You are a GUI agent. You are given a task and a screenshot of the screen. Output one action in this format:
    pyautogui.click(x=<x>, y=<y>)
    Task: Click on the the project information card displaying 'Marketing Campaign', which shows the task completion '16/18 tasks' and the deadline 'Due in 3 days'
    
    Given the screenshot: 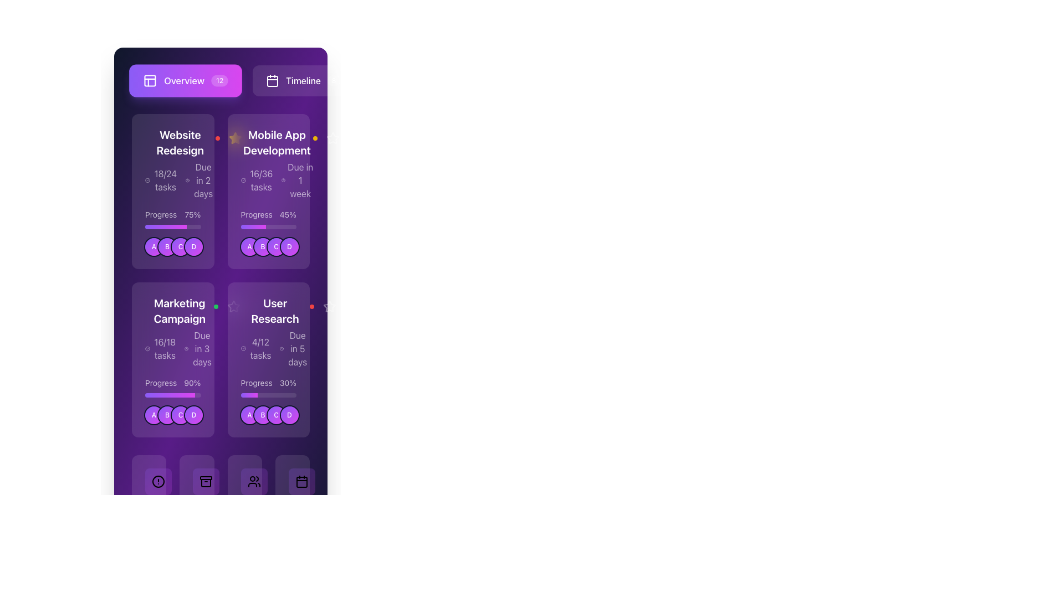 What is the action you would take?
    pyautogui.click(x=180, y=332)
    